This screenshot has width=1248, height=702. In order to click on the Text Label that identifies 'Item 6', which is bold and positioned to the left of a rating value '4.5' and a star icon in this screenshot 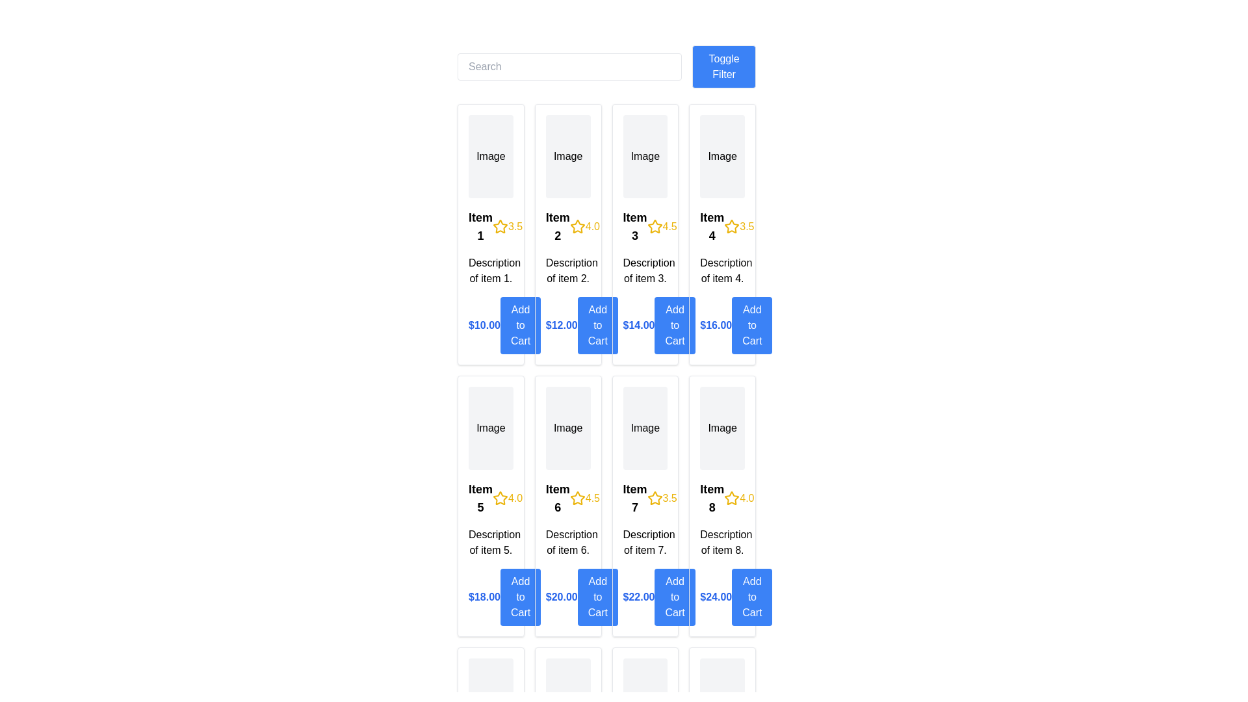, I will do `click(558, 498)`.